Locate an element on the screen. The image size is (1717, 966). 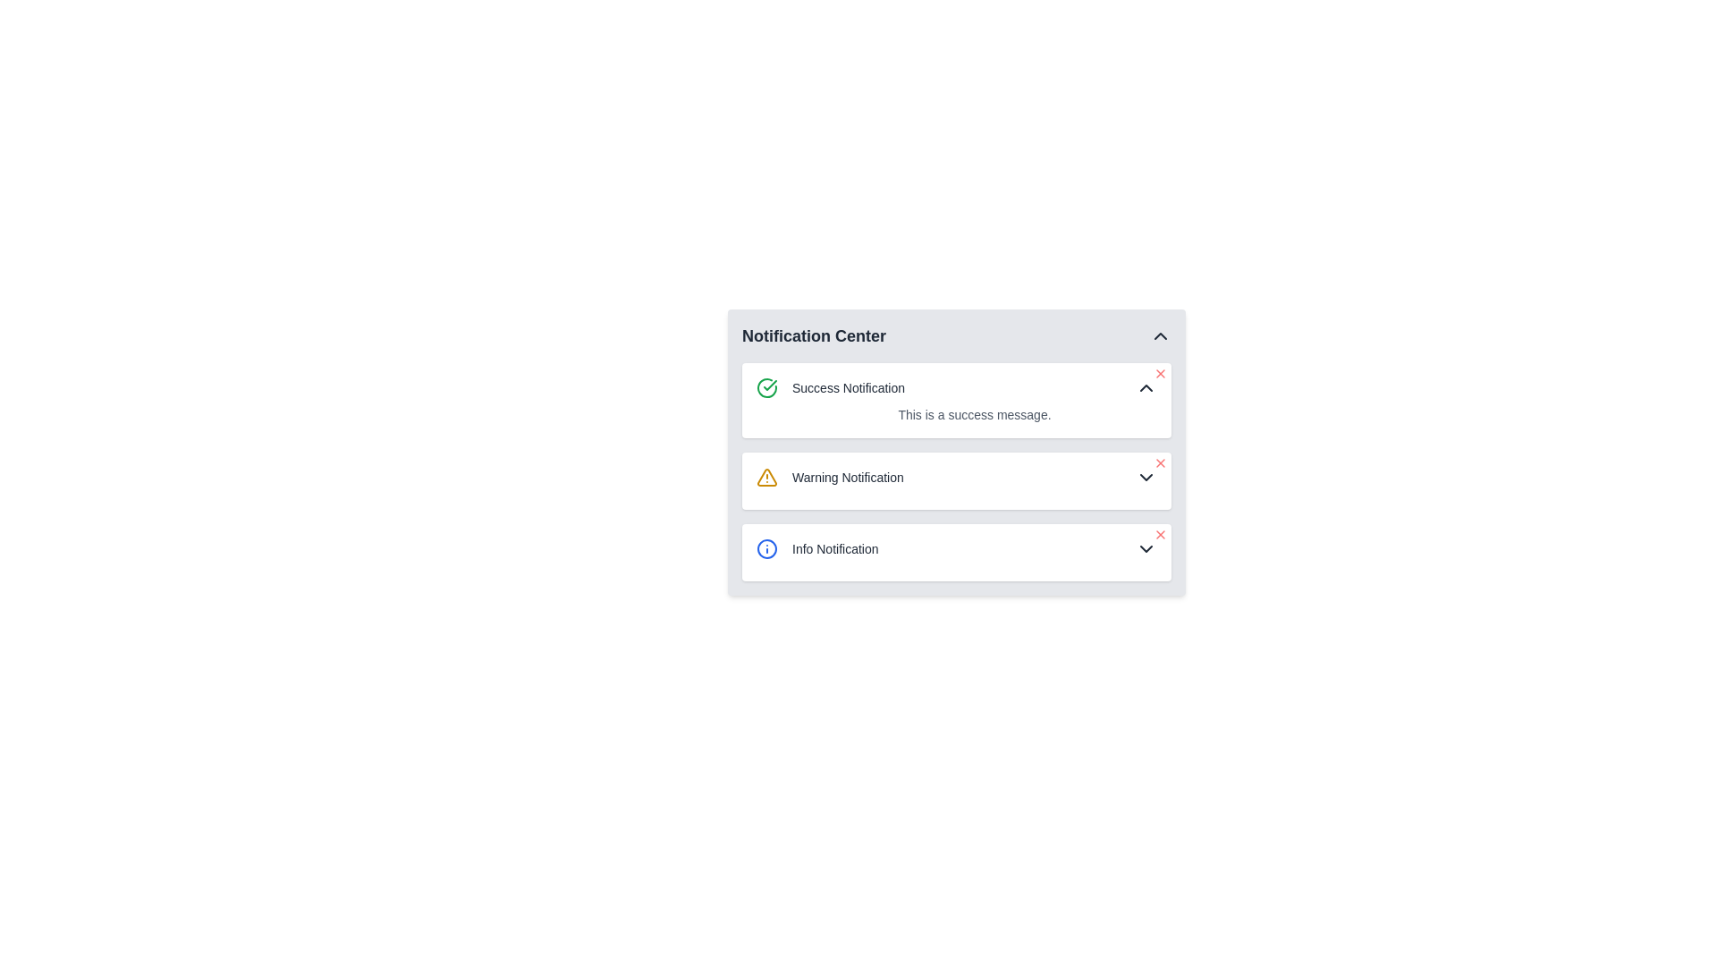
the downward arrow of the warning notification item is located at coordinates (973, 476).